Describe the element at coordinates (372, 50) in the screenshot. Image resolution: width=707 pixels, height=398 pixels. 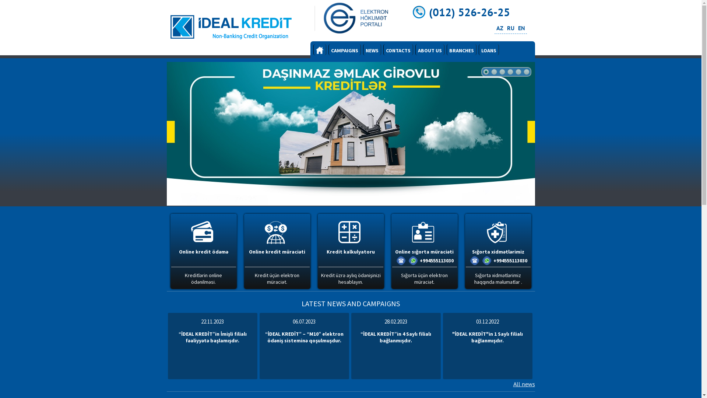
I see `'NEWS'` at that location.